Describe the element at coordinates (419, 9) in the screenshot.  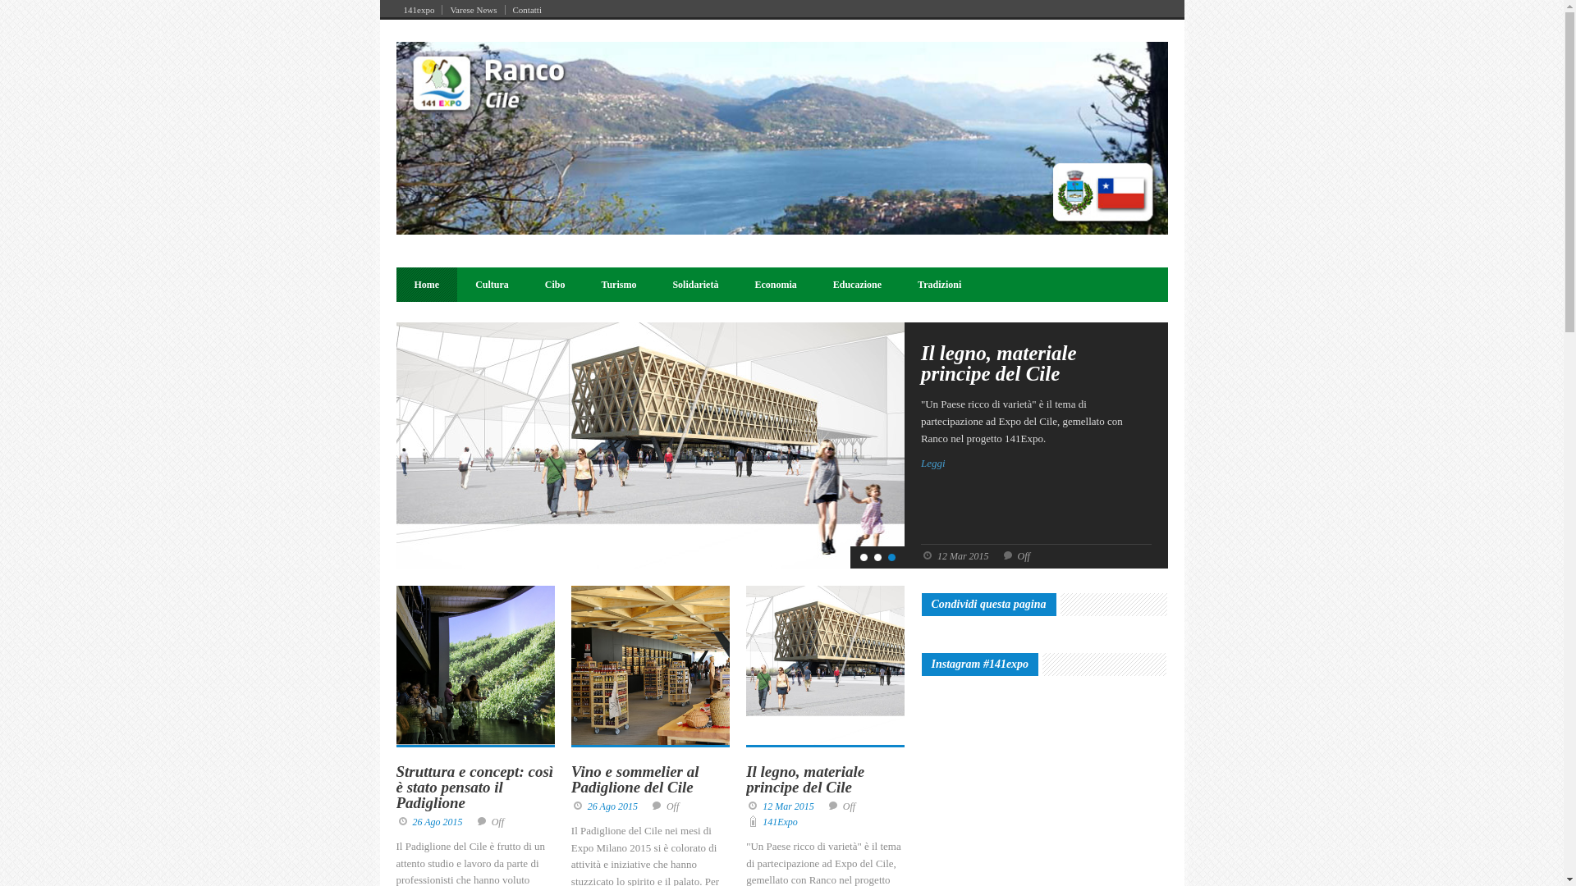
I see `'141expo'` at that location.